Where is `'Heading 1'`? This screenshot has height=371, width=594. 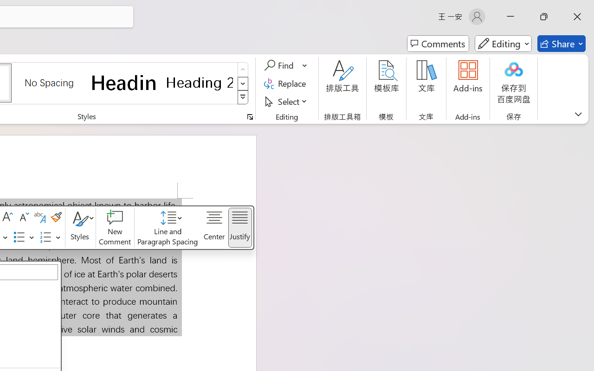 'Heading 1' is located at coordinates (124, 82).